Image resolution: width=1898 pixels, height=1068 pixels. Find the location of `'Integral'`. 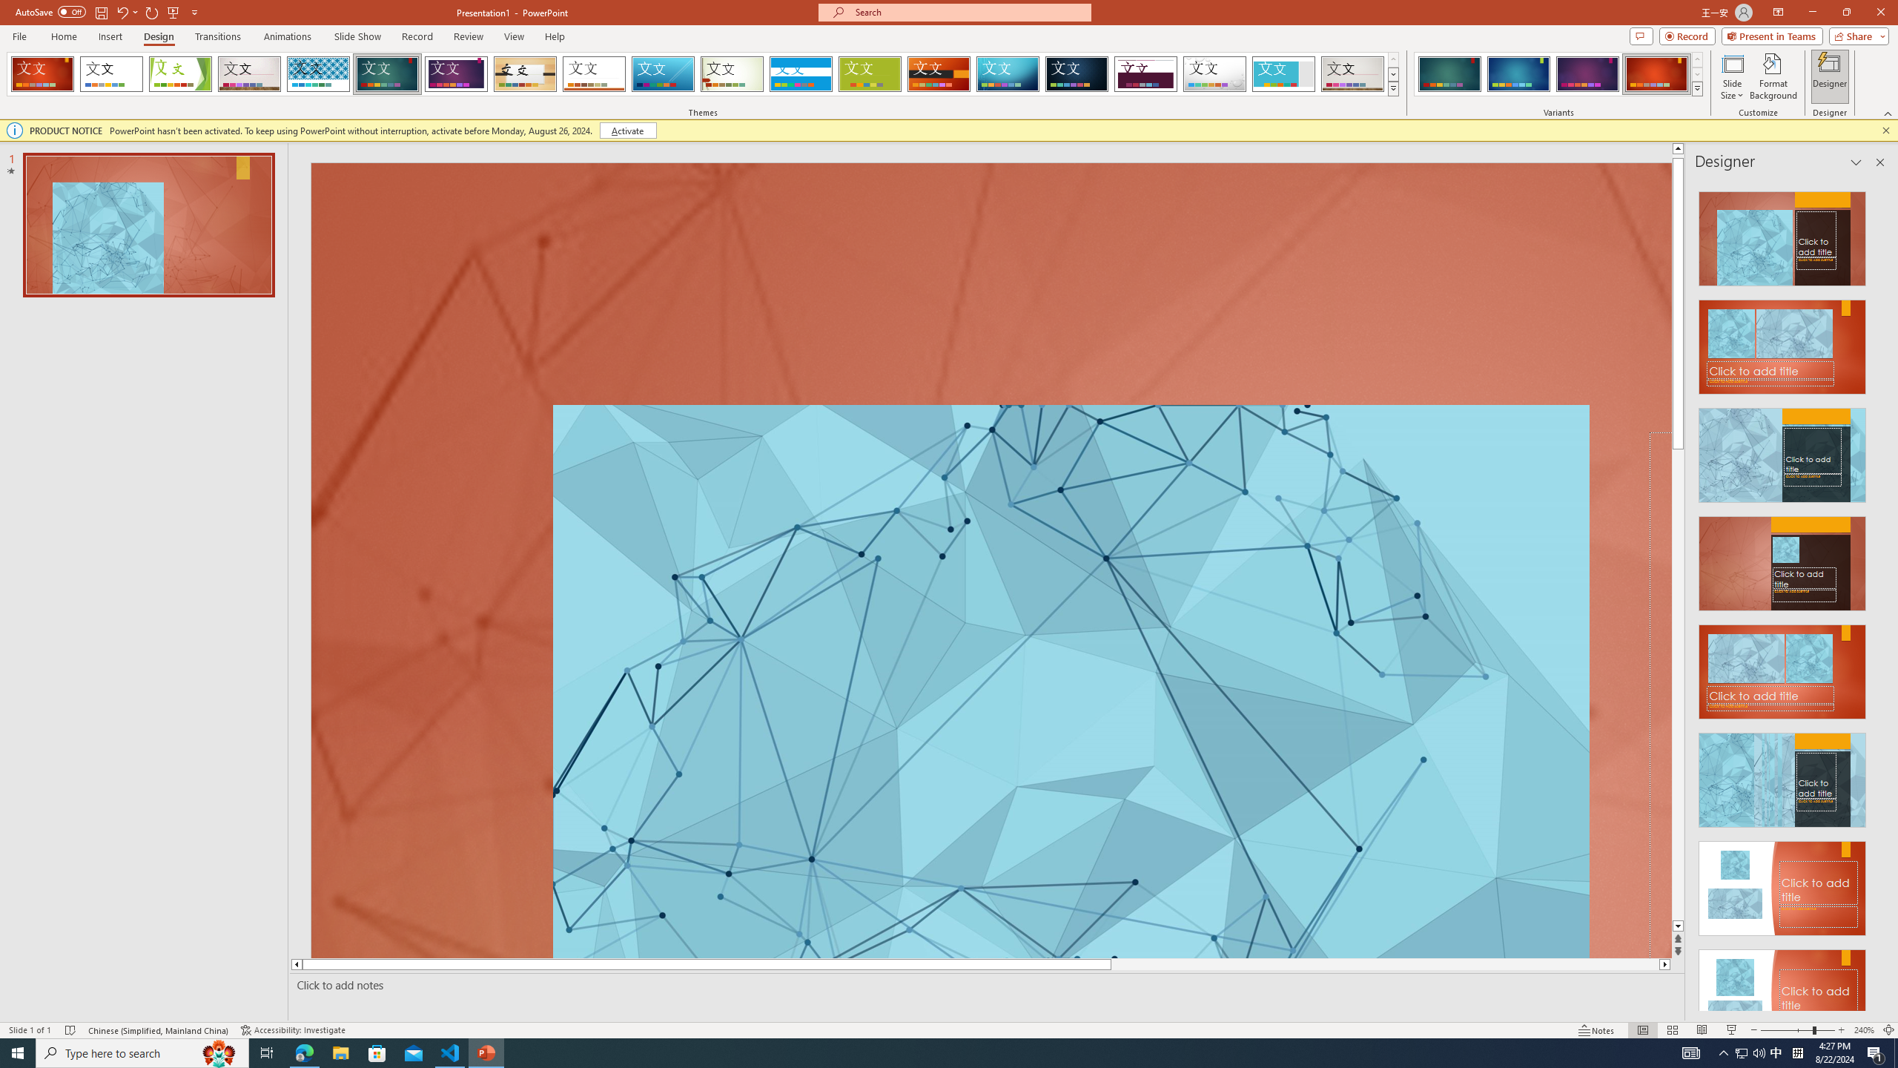

'Integral' is located at coordinates (318, 73).